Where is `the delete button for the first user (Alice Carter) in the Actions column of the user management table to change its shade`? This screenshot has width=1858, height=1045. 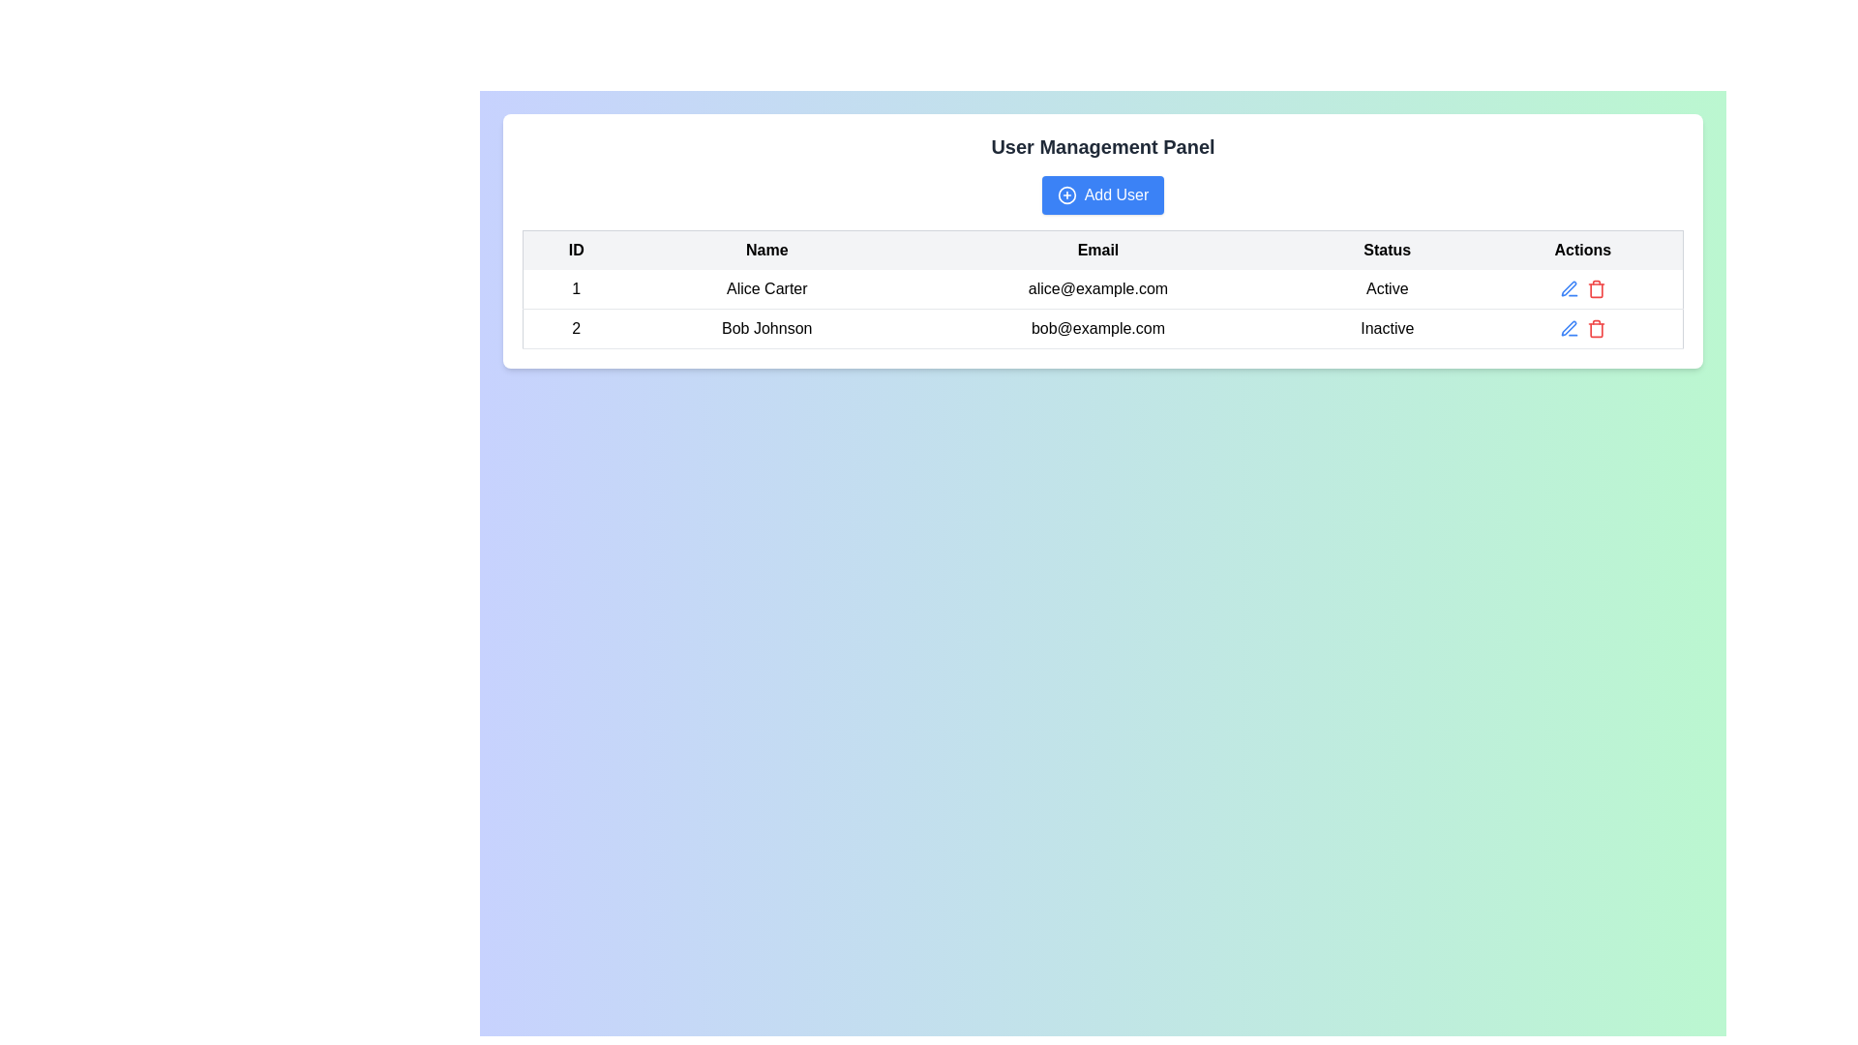
the delete button for the first user (Alice Carter) in the Actions column of the user management table to change its shade is located at coordinates (1596, 289).